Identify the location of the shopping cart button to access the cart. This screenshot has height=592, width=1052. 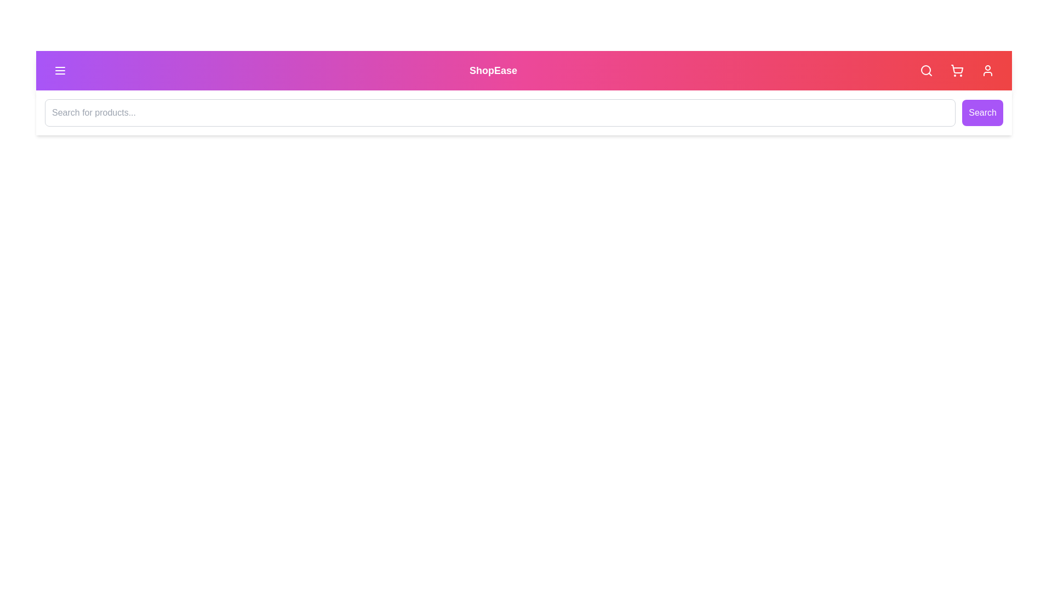
(957, 70).